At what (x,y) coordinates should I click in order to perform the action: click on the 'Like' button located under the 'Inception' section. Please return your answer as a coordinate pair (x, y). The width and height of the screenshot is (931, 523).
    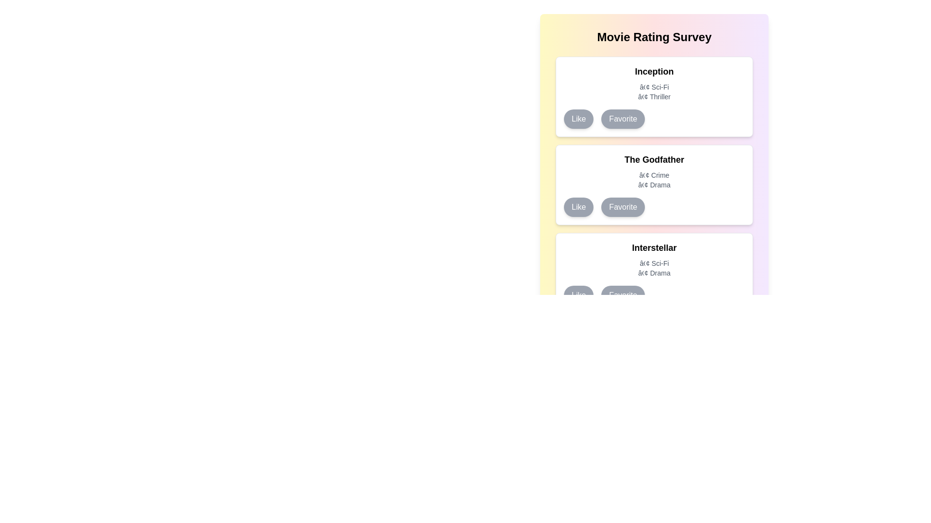
    Looking at the image, I should click on (578, 119).